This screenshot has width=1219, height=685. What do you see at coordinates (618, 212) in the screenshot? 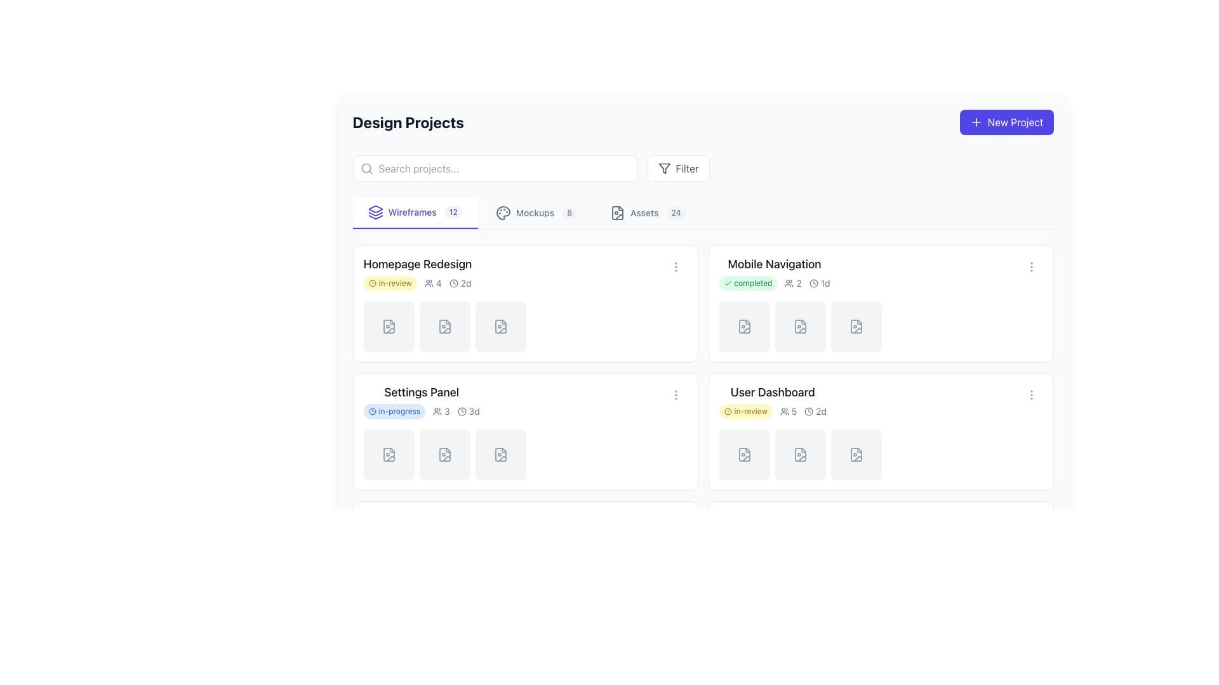
I see `the 'Assets' icon located to the left of the text 'Assets' with a numerical badge displaying '24'` at bounding box center [618, 212].